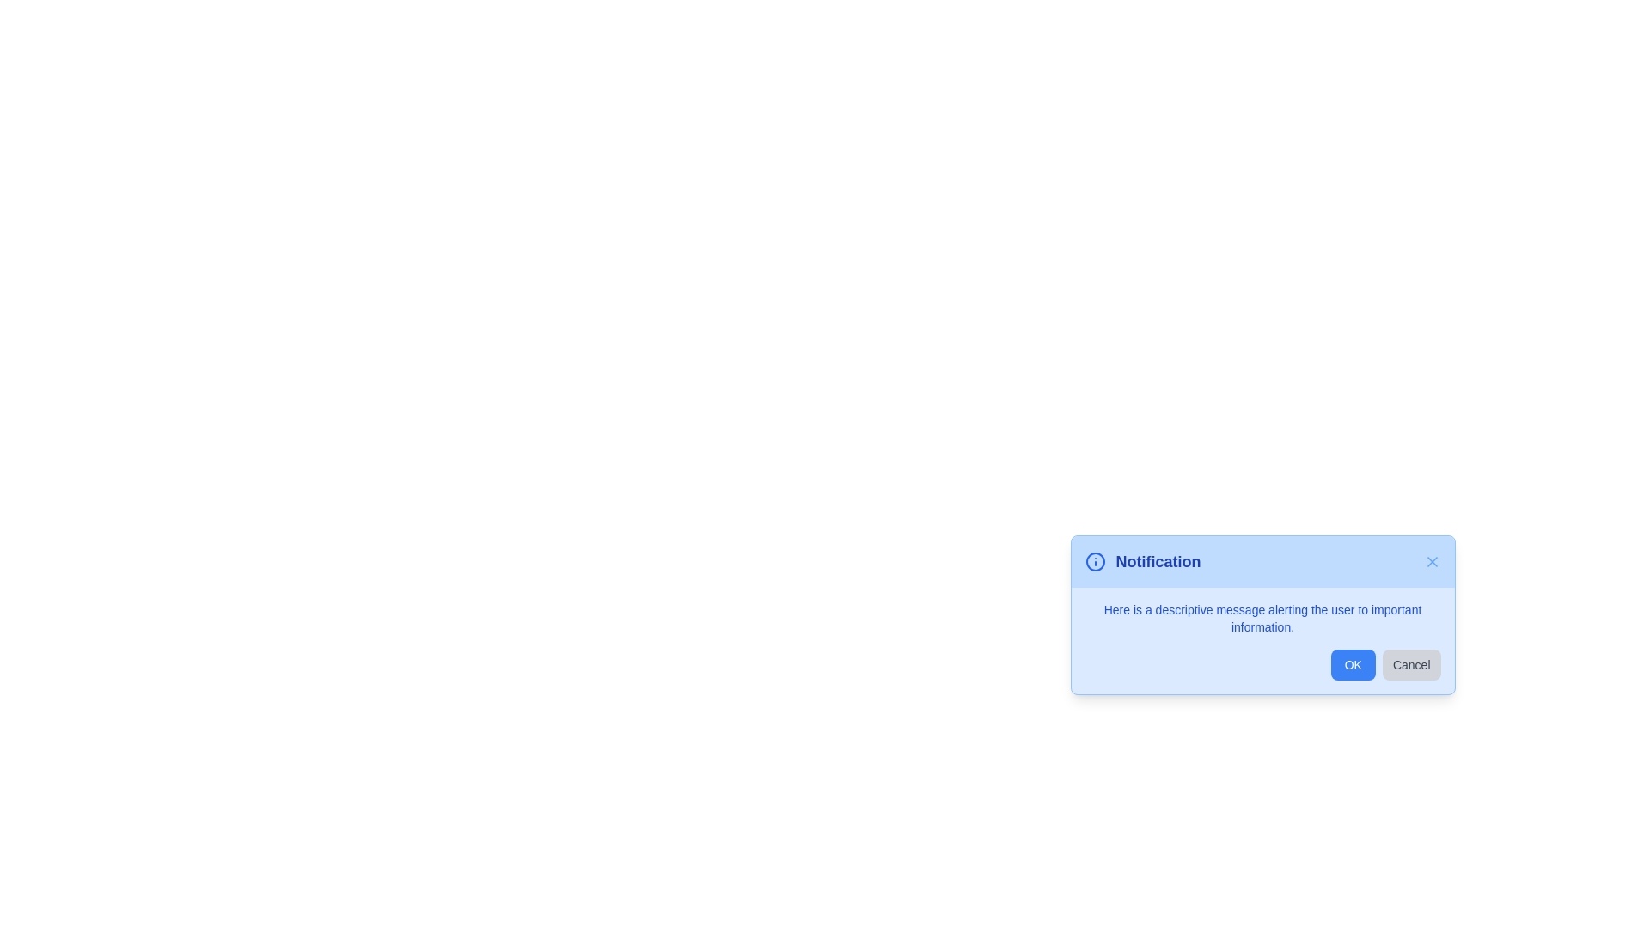  I want to click on the 'Info' icon to explore its functionality, so click(1094, 562).